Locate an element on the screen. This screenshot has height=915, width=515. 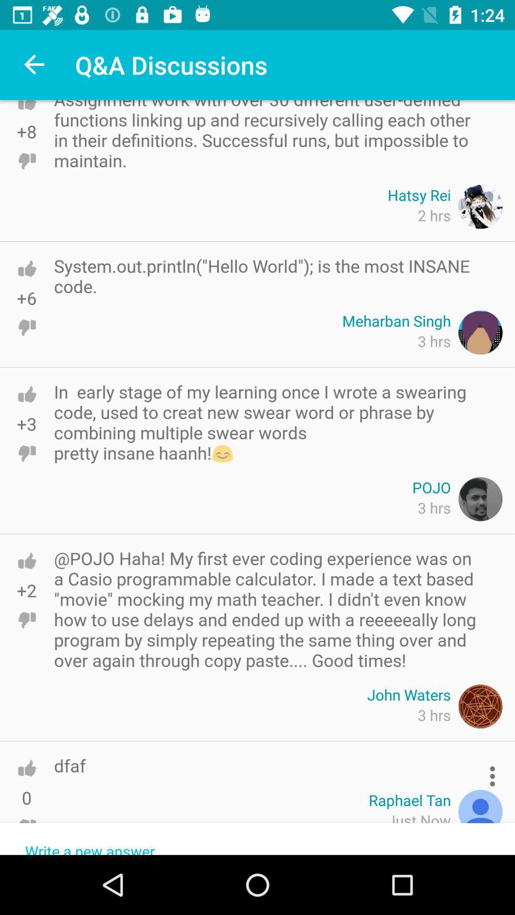
like the program is located at coordinates (26, 561).